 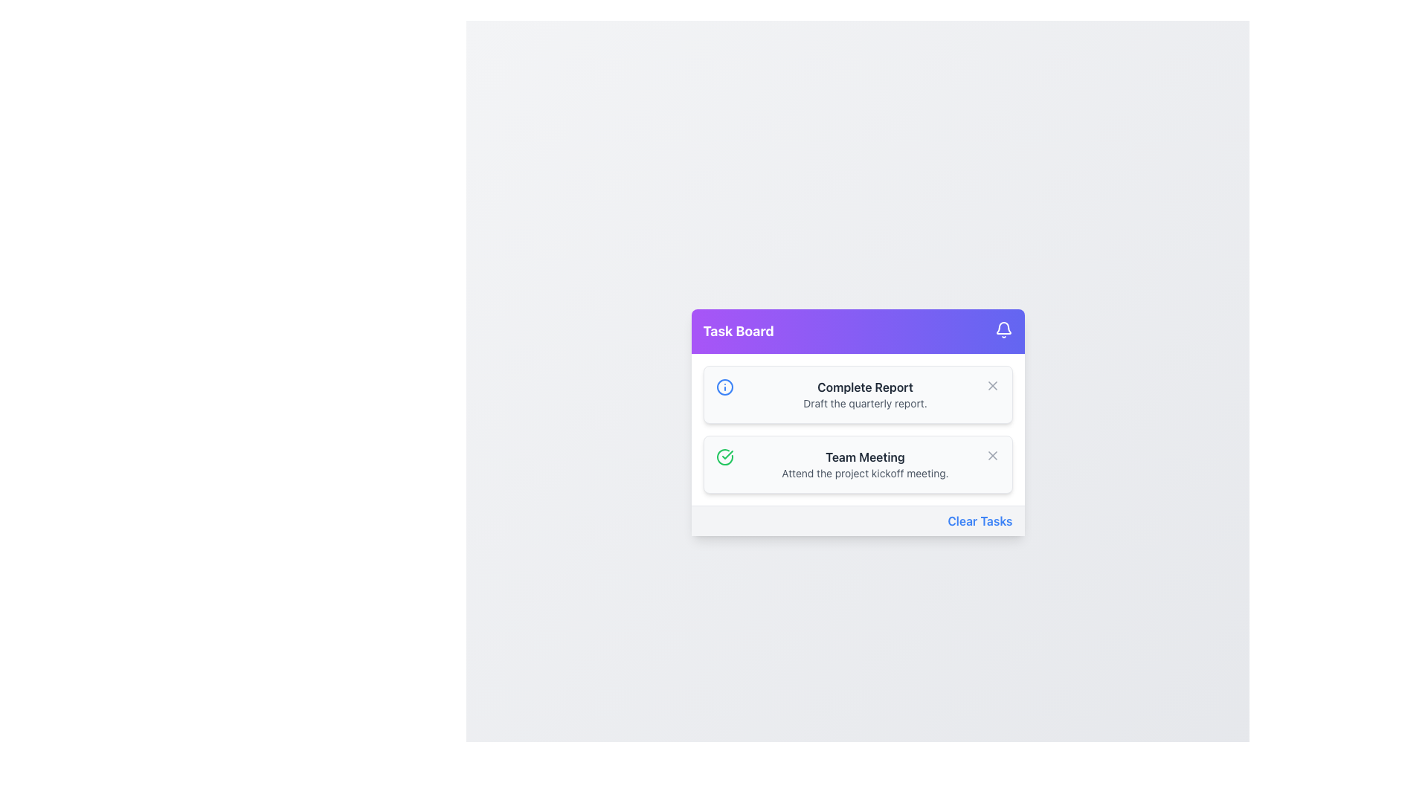 What do you see at coordinates (992, 454) in the screenshot?
I see `the 'X' icon in the upper-right corner of the 'Team Meeting' task card` at bounding box center [992, 454].